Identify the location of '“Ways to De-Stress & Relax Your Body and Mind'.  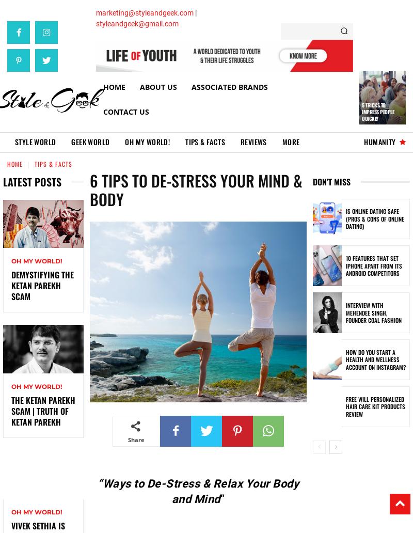
(198, 490).